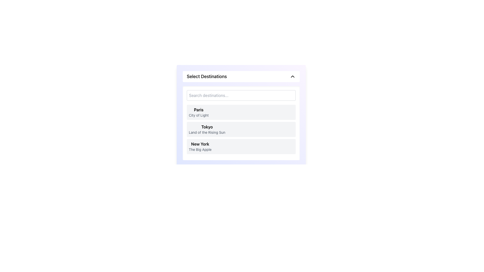 Image resolution: width=484 pixels, height=272 pixels. I want to click on the first list item in the 'Select Destinations' drop-down menu, which features 'Paris' in bold and 'City of Light' in a lighter font, so click(241, 116).